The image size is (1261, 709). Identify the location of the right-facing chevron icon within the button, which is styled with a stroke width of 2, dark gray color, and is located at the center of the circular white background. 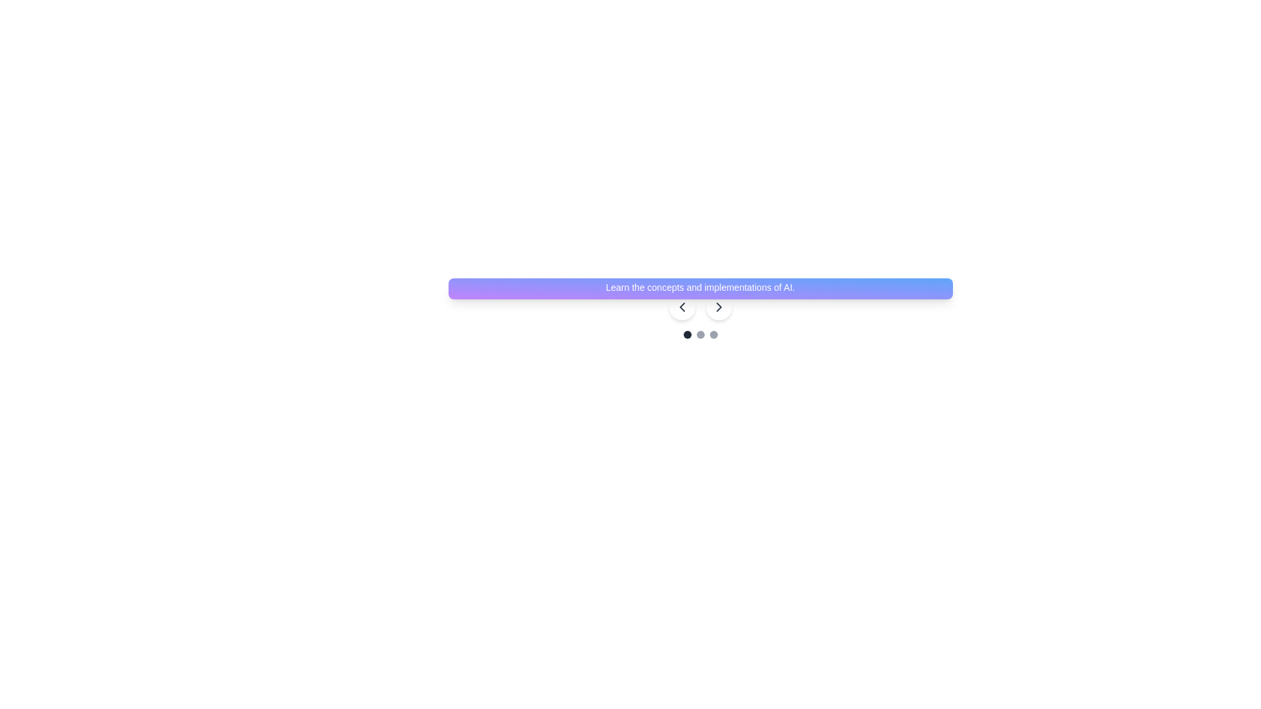
(718, 307).